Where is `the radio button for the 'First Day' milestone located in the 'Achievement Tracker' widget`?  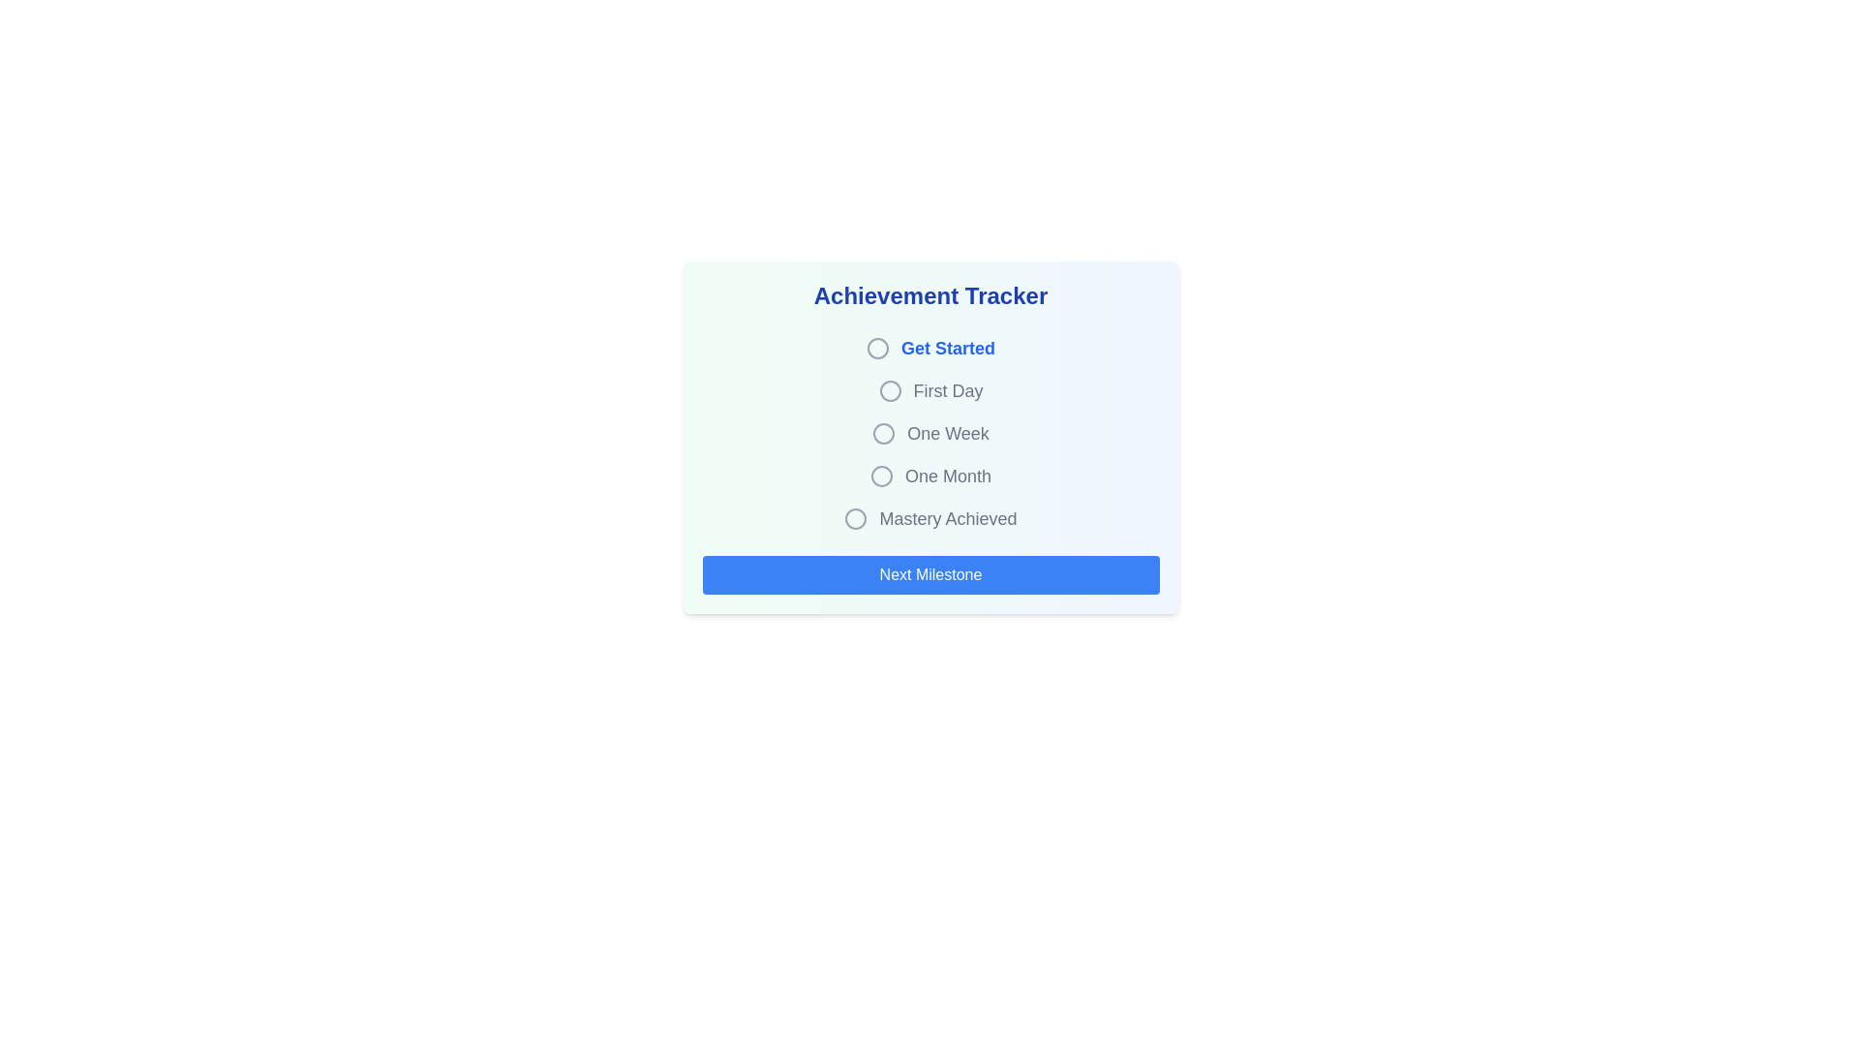
the radio button for the 'First Day' milestone located in the 'Achievement Tracker' widget is located at coordinates (889, 391).